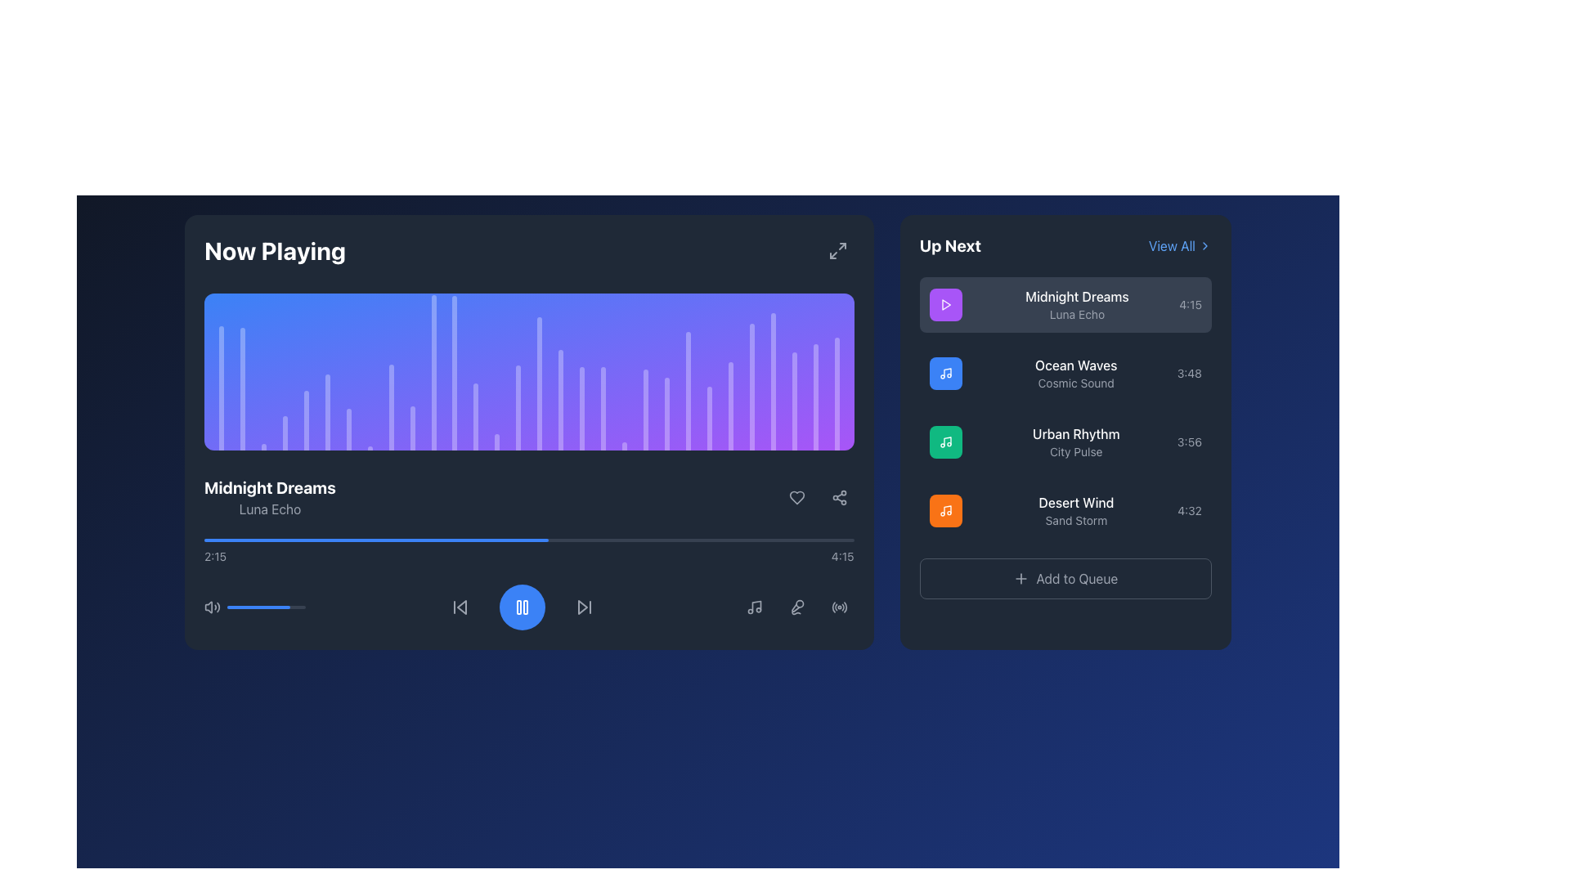 This screenshot has width=1570, height=883. I want to click on the triangular play icon located in the 'Now Playing' section of the interface, which is filled with white and positioned among playback controls, so click(946, 305).